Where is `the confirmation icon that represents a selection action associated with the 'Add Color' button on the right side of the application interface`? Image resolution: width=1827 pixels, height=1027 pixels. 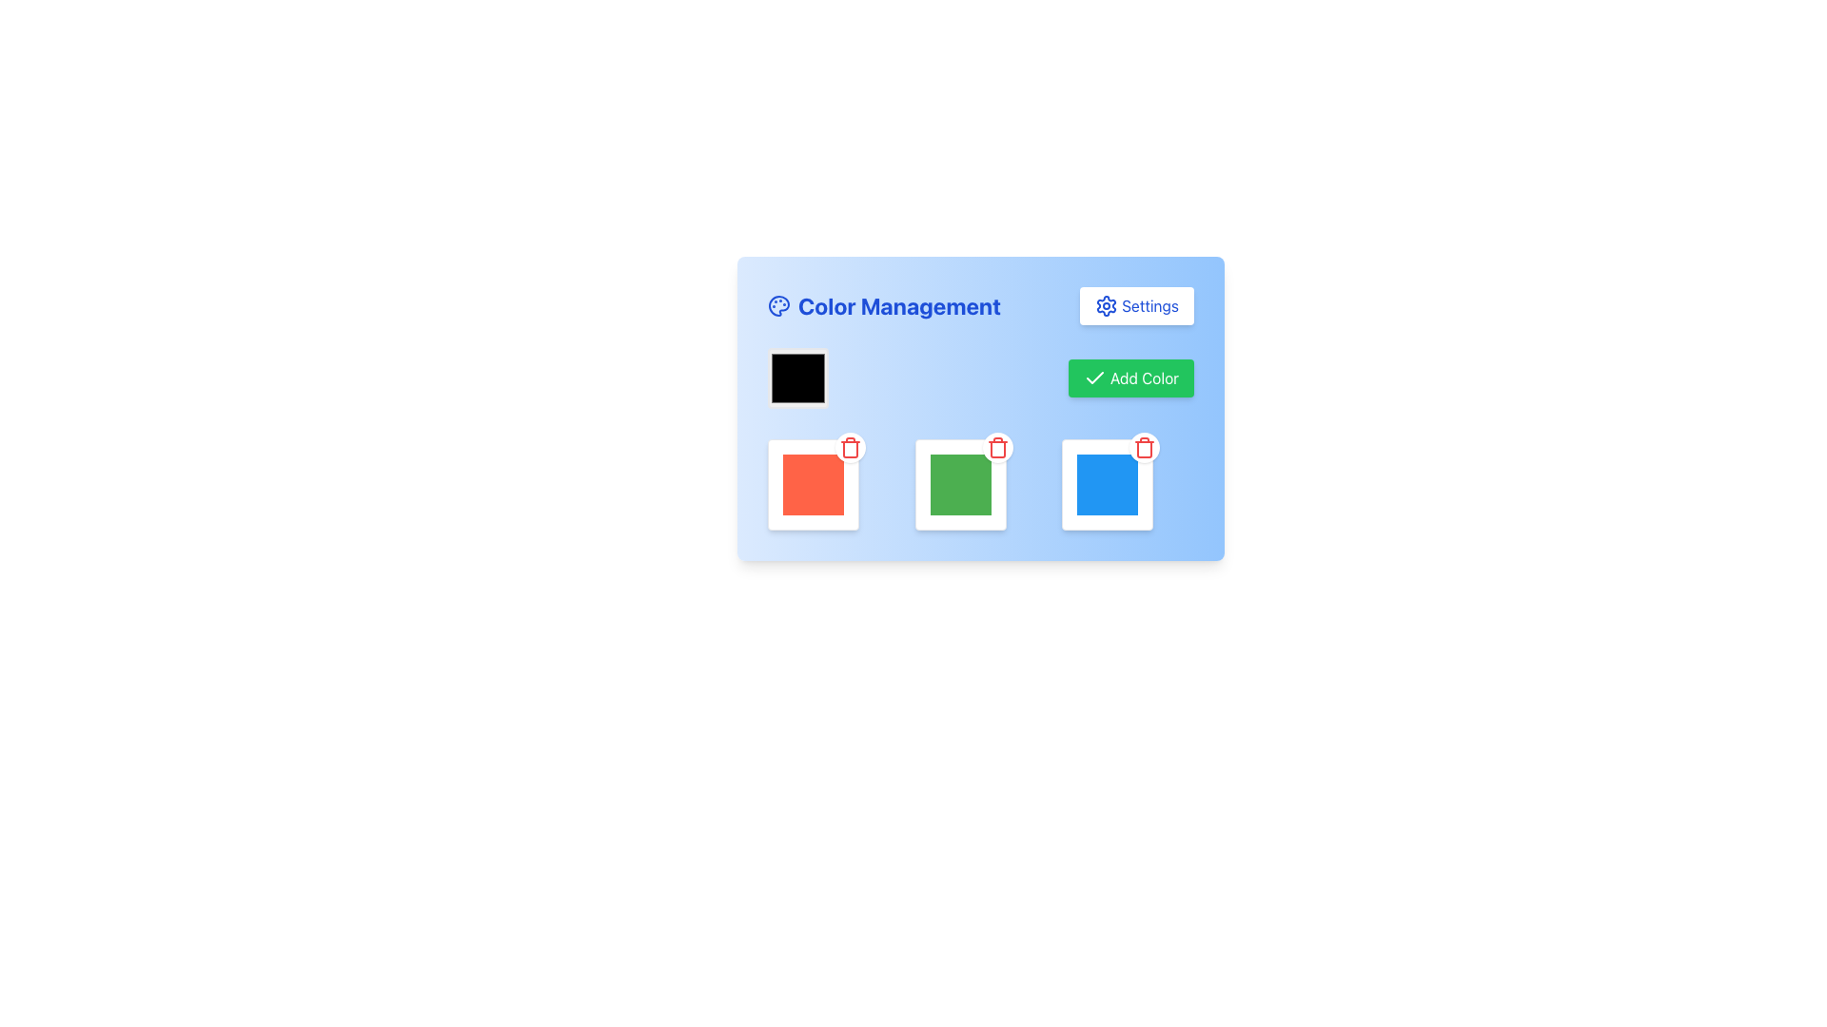 the confirmation icon that represents a selection action associated with the 'Add Color' button on the right side of the application interface is located at coordinates (1094, 378).